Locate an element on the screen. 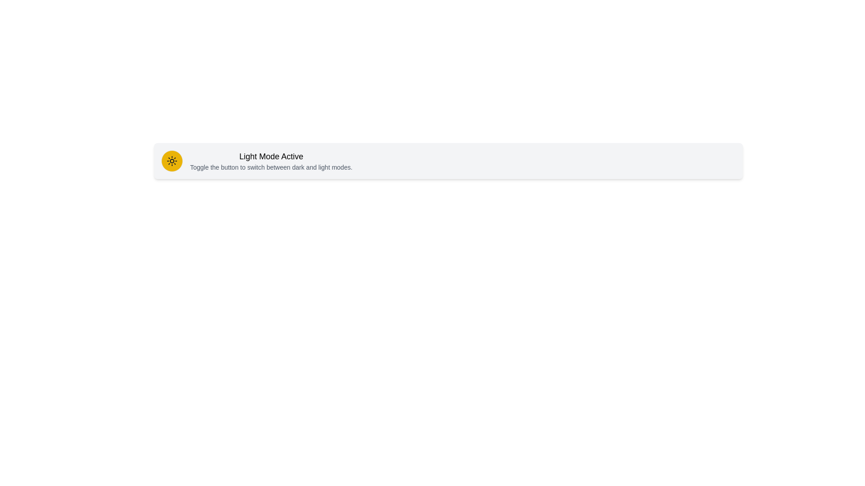  the toggle button located on the left side of the section labeled 'Light Mode Active' to switch between dark and light modes is located at coordinates (172, 161).